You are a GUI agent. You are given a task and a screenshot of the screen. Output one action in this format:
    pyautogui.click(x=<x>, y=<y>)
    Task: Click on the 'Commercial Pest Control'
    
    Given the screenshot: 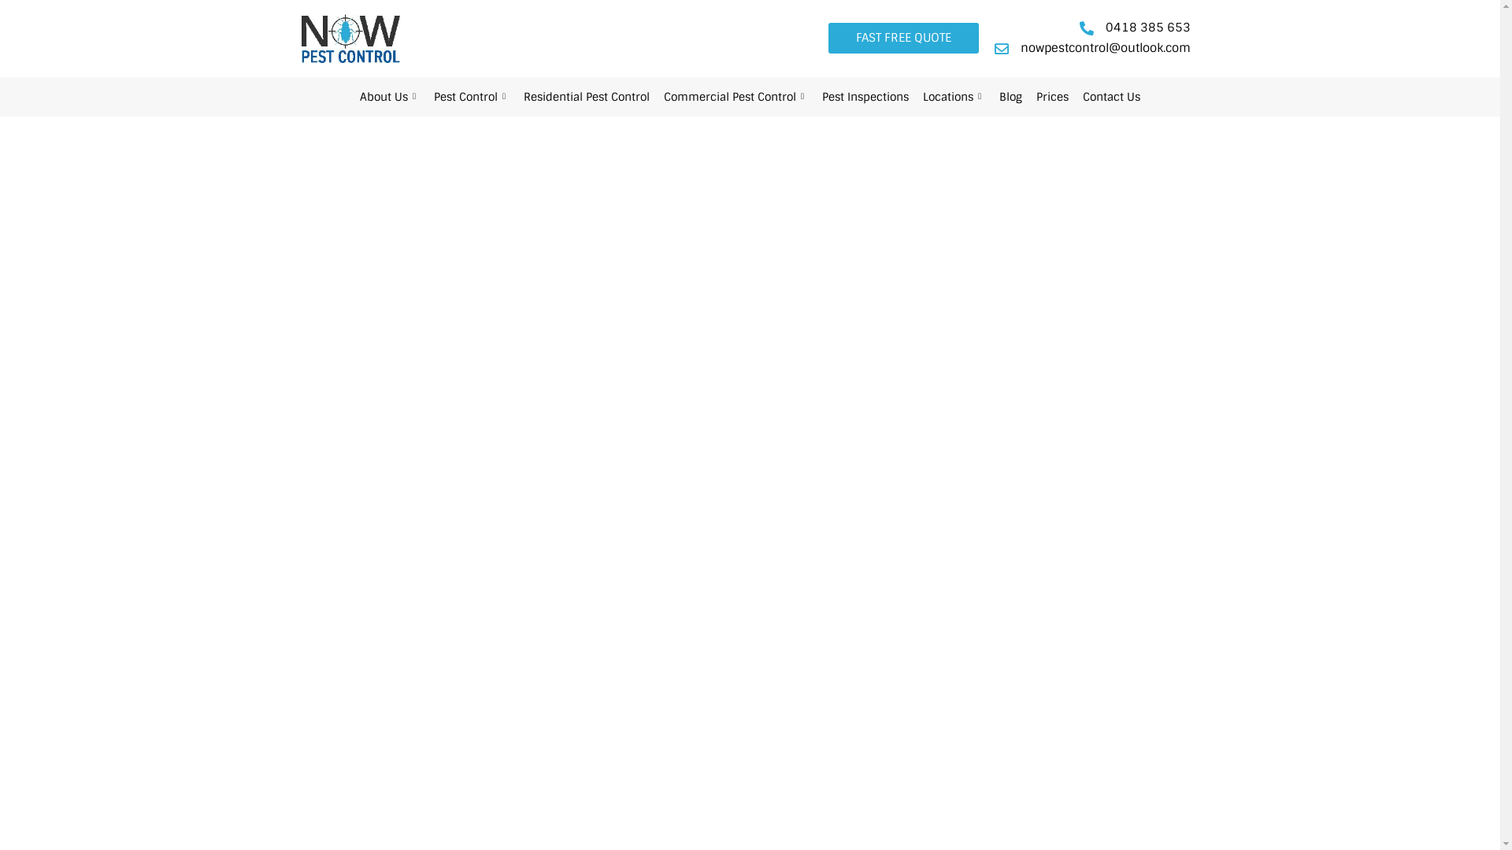 What is the action you would take?
    pyautogui.click(x=735, y=97)
    